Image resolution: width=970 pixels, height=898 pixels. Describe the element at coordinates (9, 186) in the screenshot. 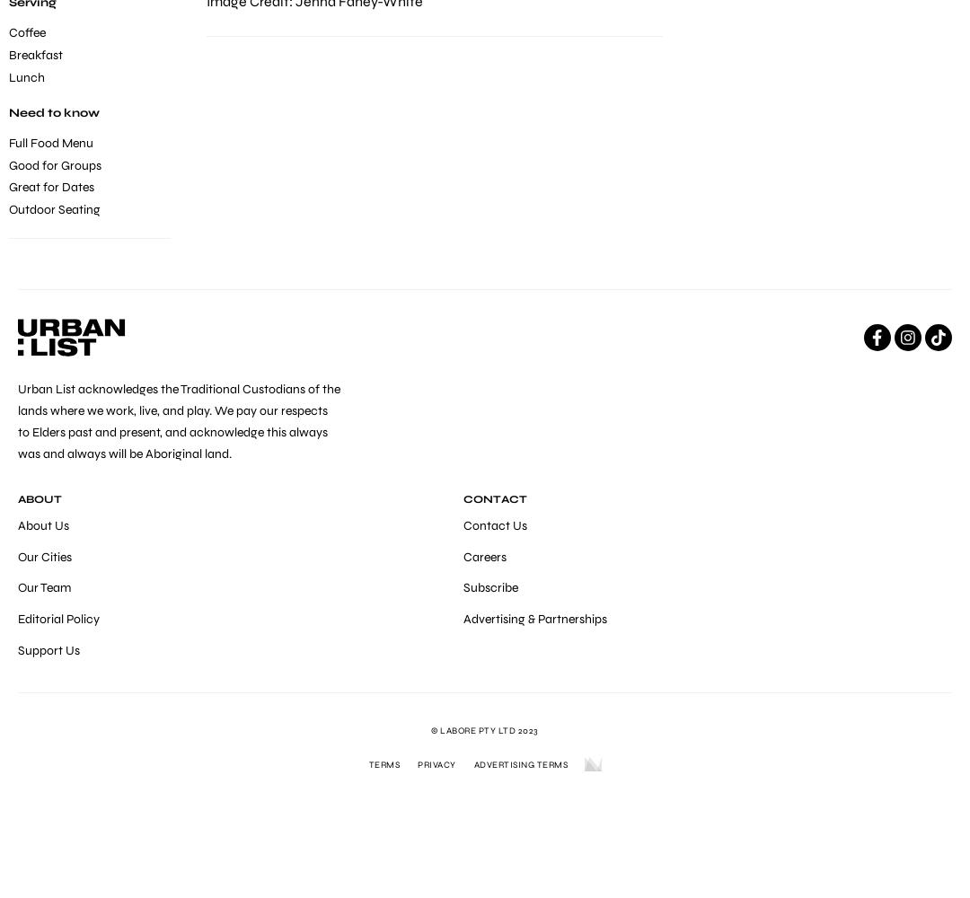

I see `'Great for Dates'` at that location.